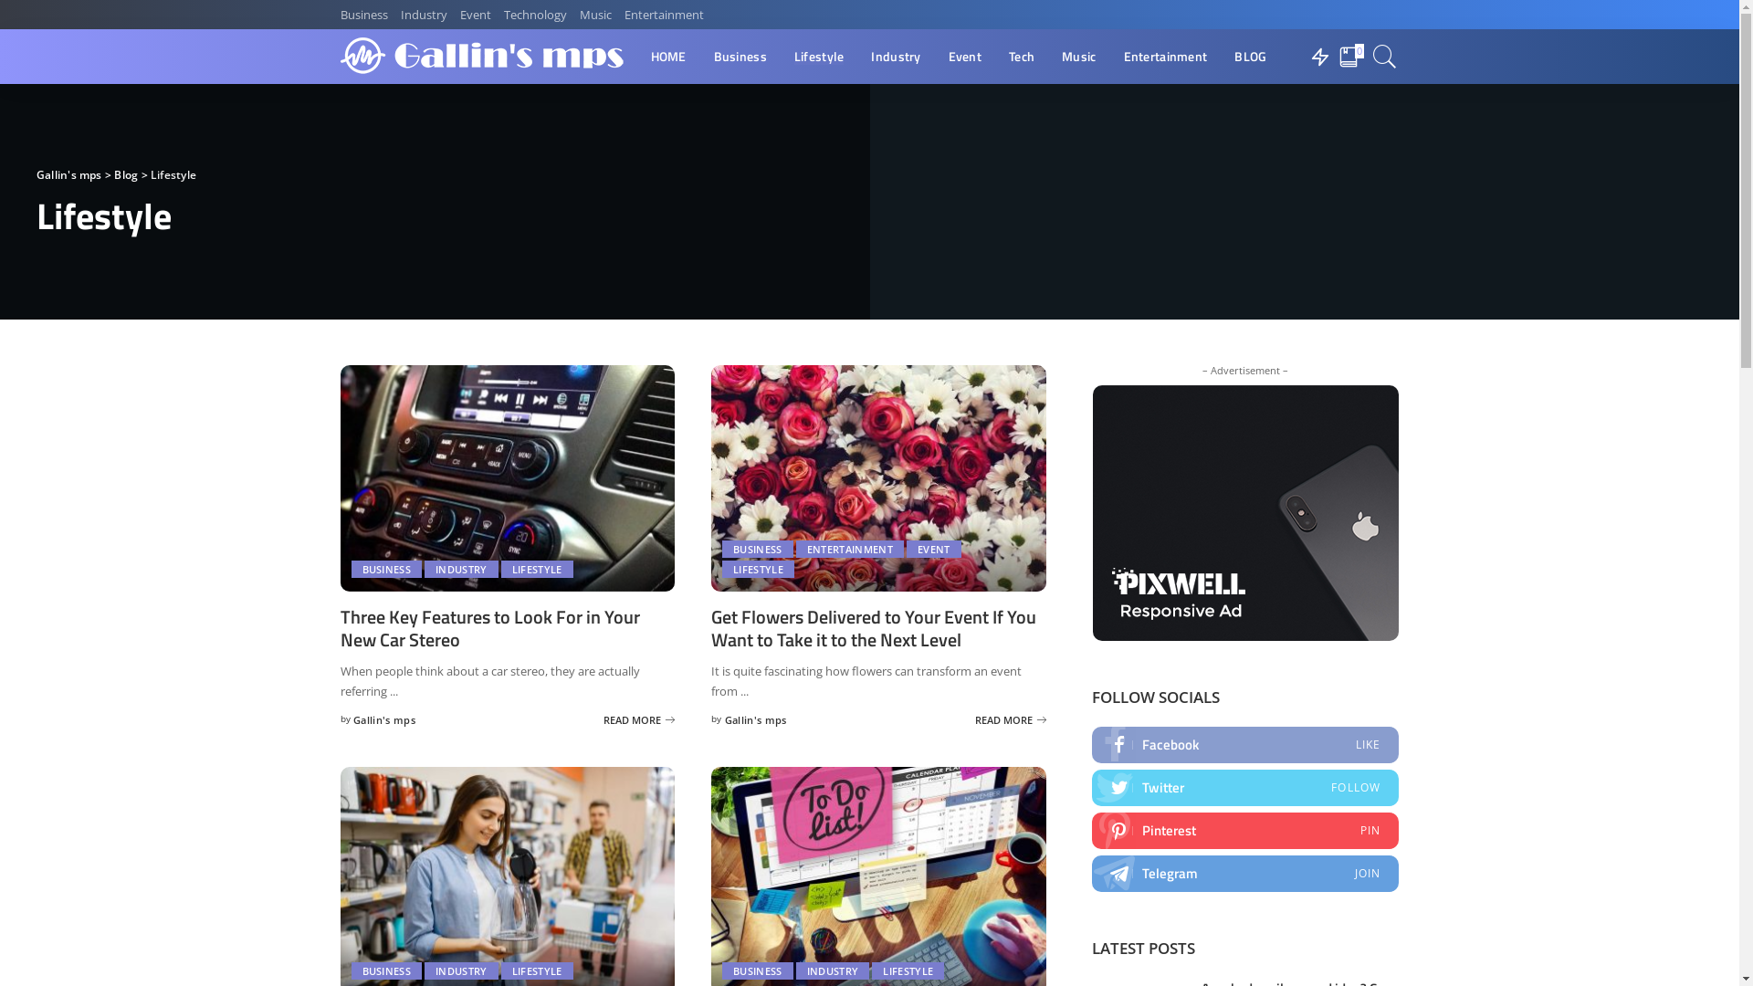  Describe the element at coordinates (1244, 787) in the screenshot. I see `'Twitter'` at that location.